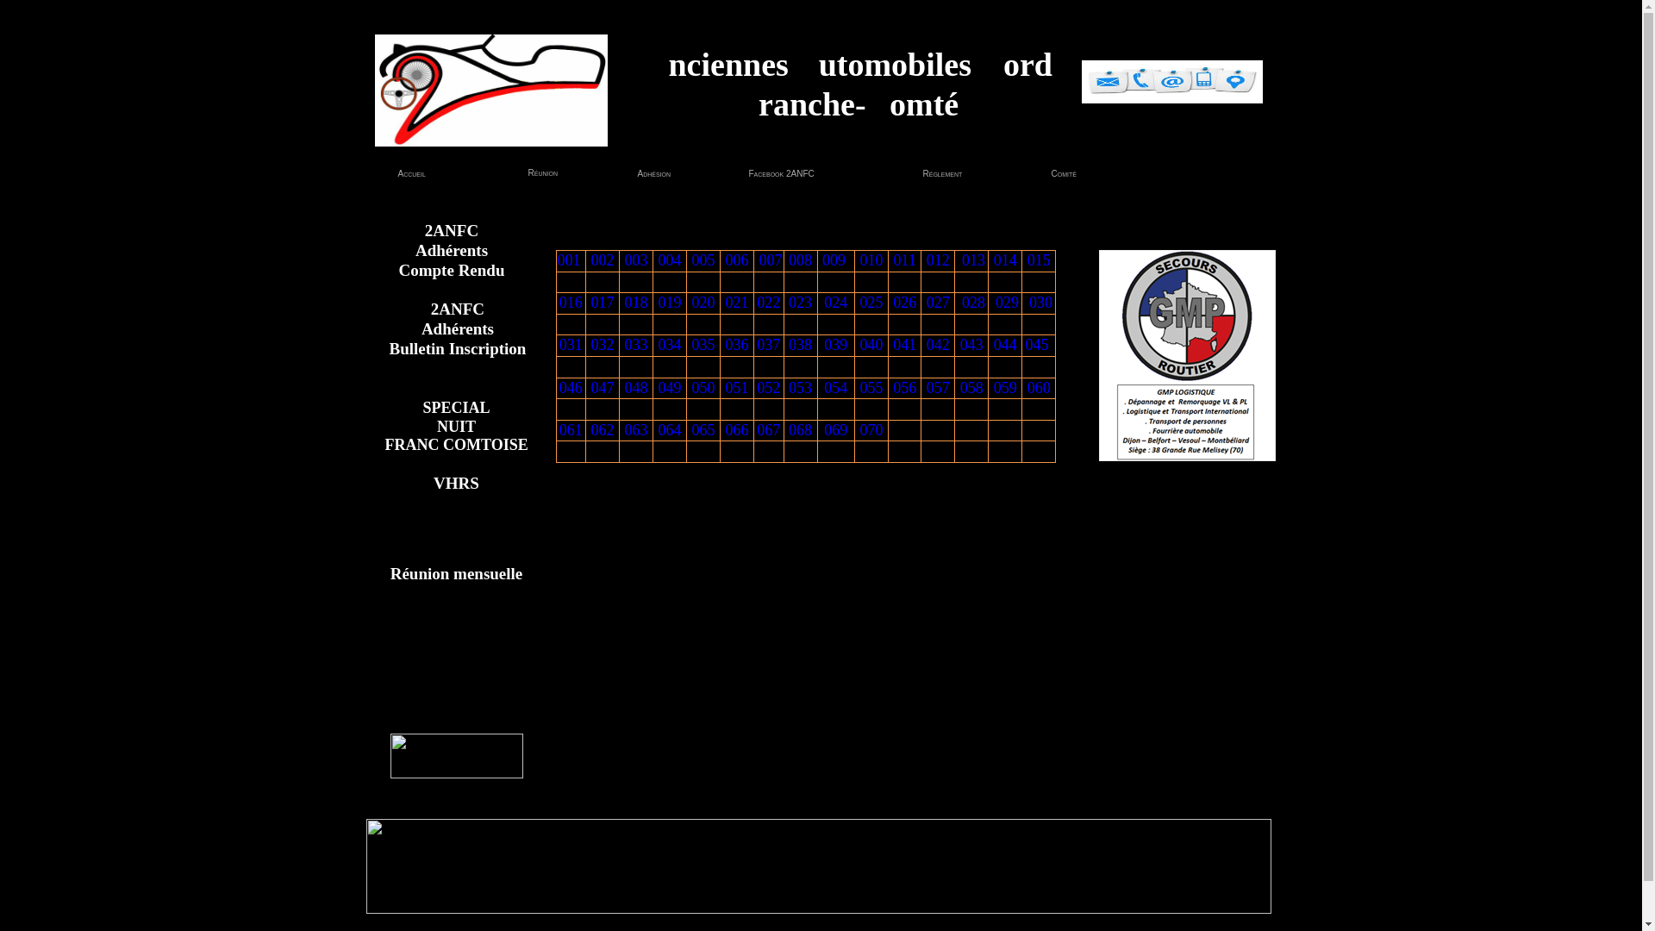 This screenshot has width=1655, height=931. I want to click on '038', so click(788, 345).